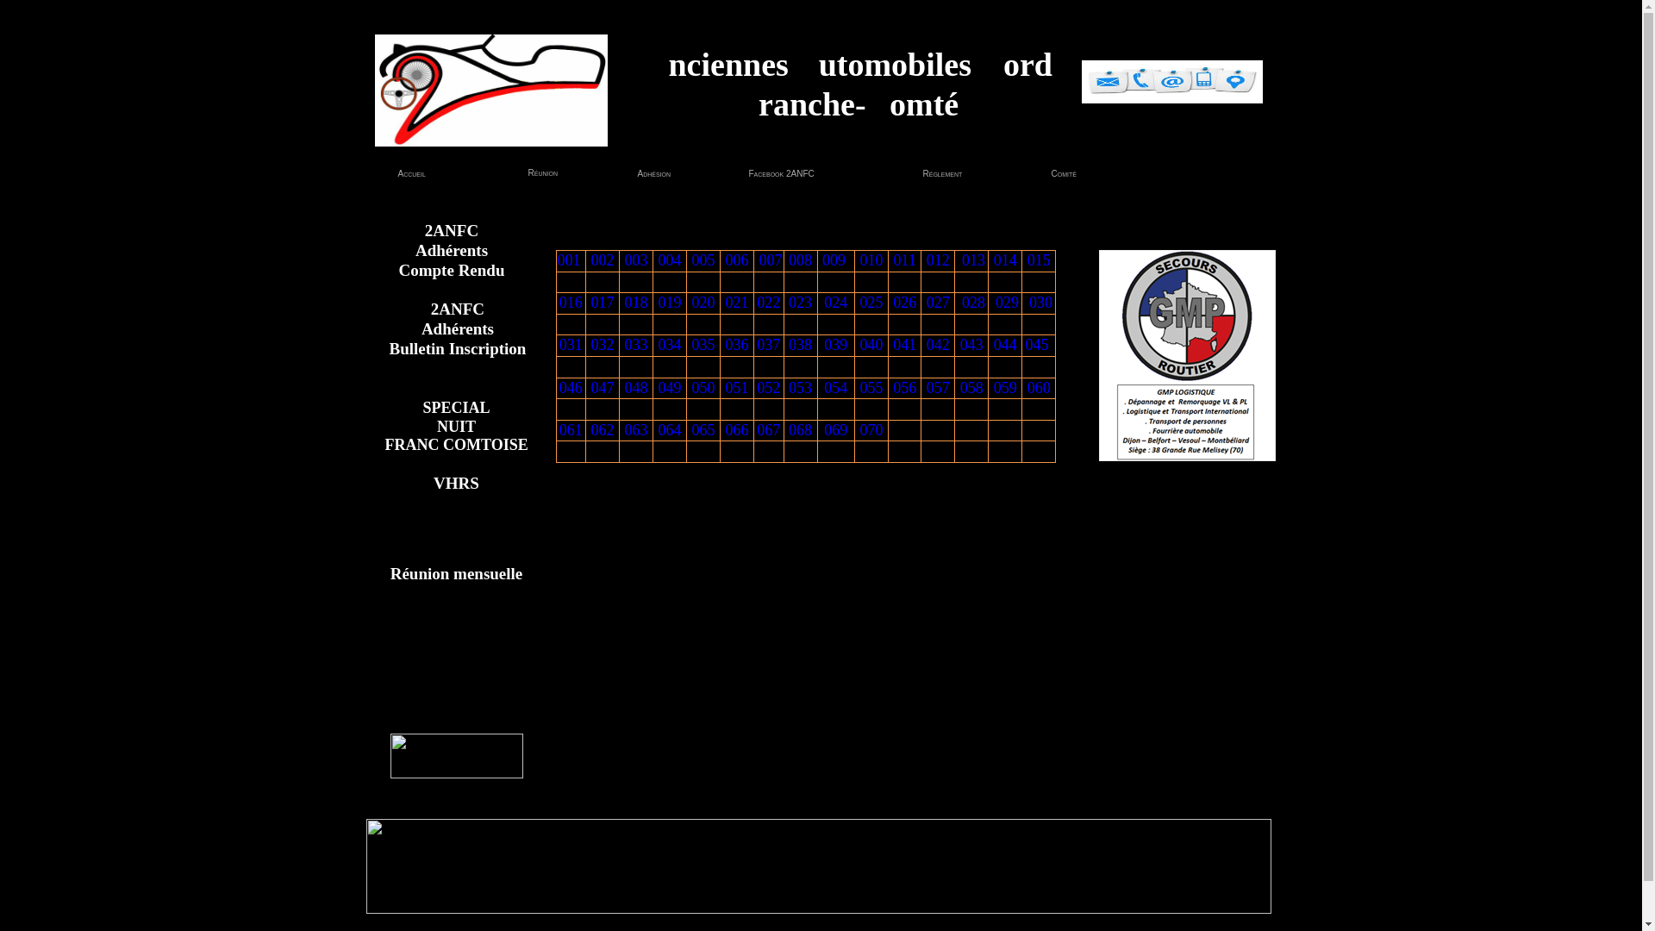 This screenshot has width=1655, height=931. I want to click on '038', so click(788, 345).